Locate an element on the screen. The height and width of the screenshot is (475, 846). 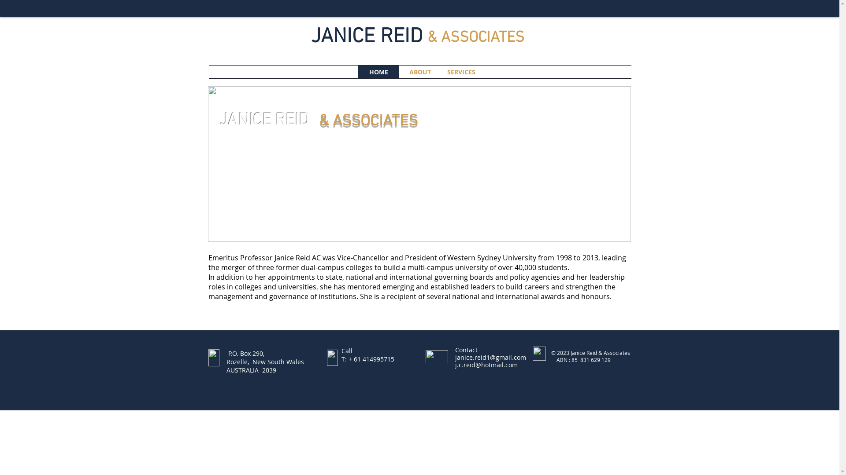
'j.c.reid@hotmail.com' is located at coordinates (486, 365).